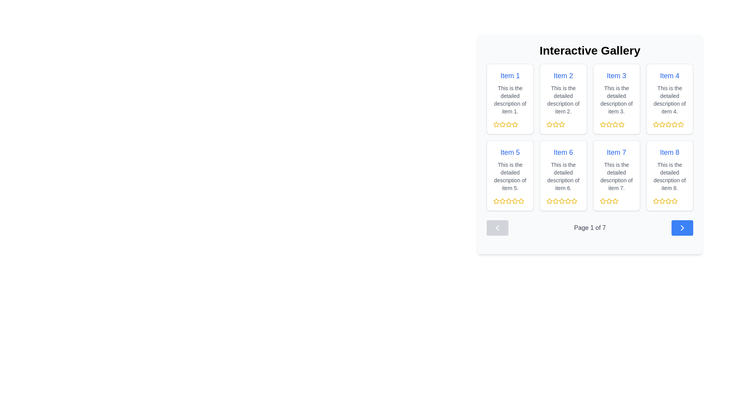 The height and width of the screenshot is (418, 744). I want to click on the title text of the fourth card in the first row of the interactive gallery, so click(669, 76).